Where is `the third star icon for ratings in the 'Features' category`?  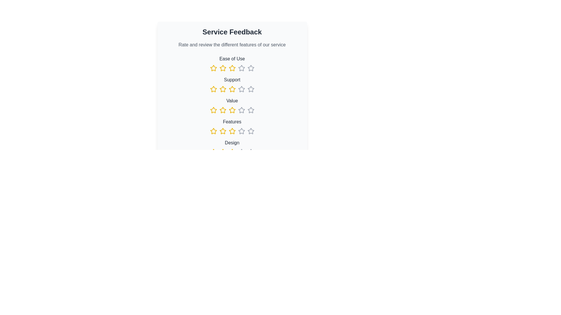 the third star icon for ratings in the 'Features' category is located at coordinates (222, 131).